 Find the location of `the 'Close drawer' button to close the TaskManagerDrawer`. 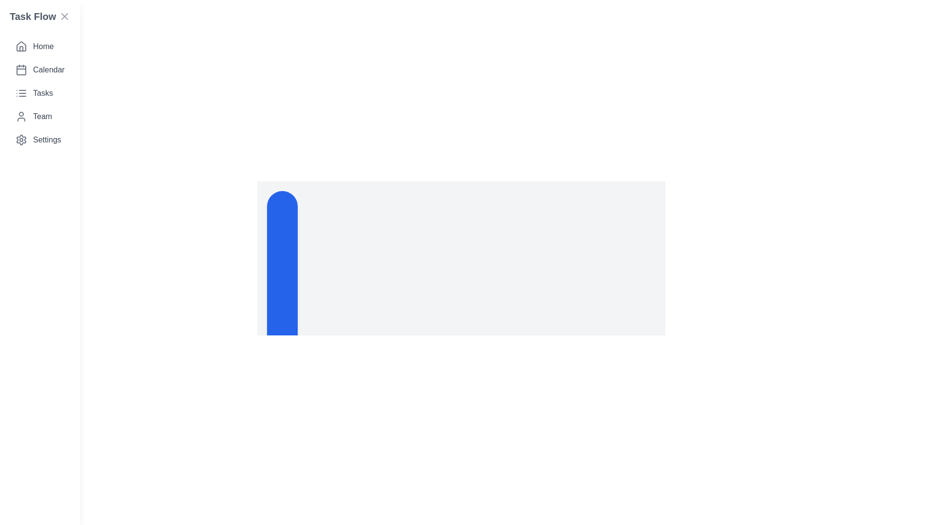

the 'Close drawer' button to close the TaskManagerDrawer is located at coordinates (64, 17).